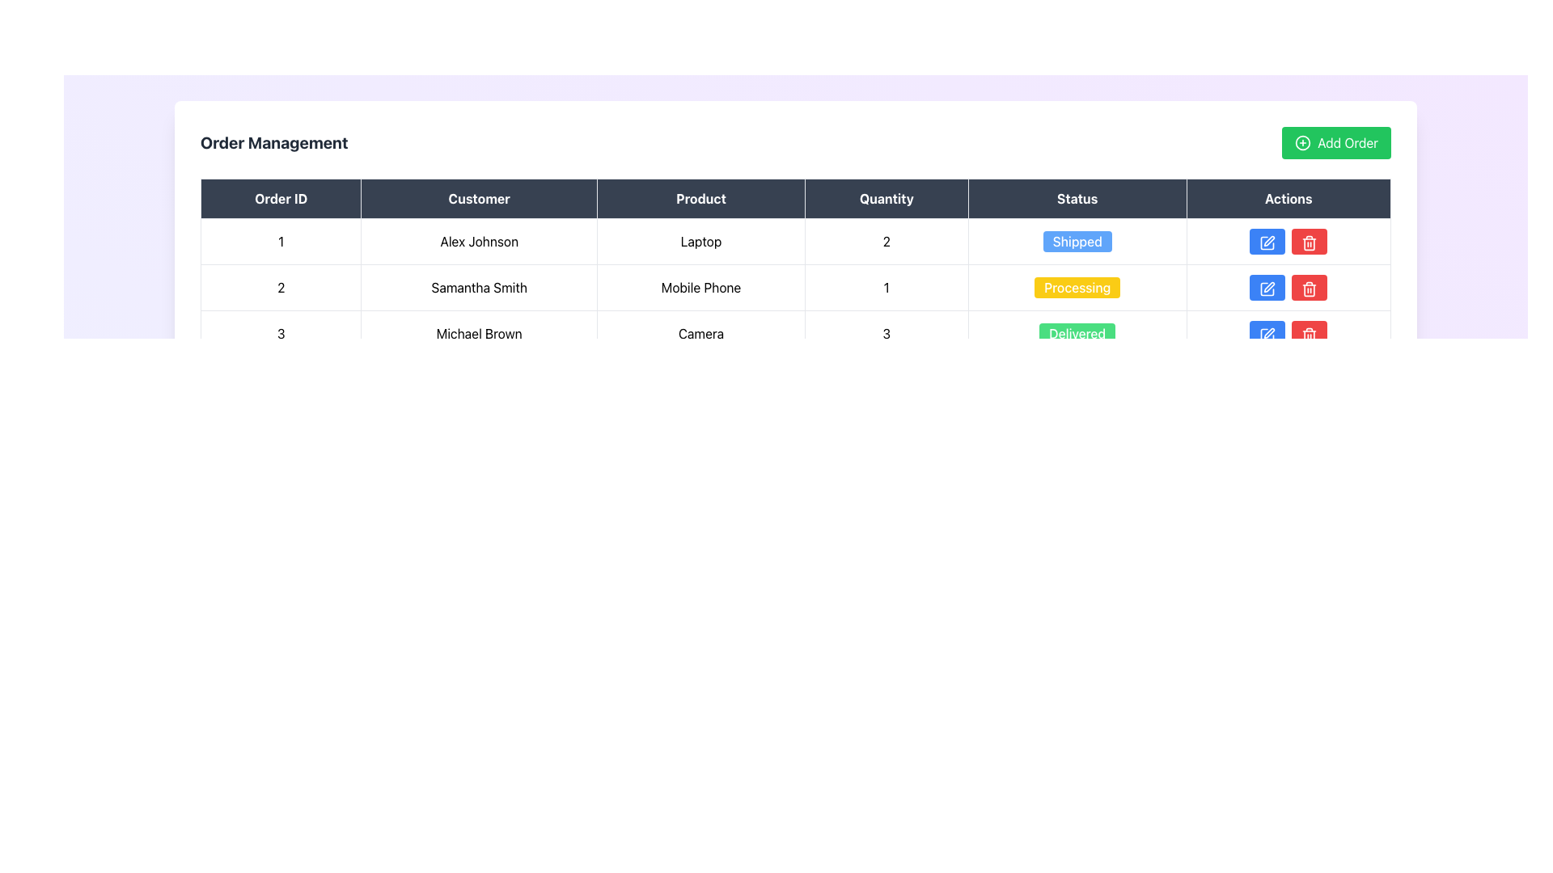 This screenshot has height=873, width=1553. I want to click on the editing control button located in the 'Actions' column of the second row in the table, so click(1267, 288).